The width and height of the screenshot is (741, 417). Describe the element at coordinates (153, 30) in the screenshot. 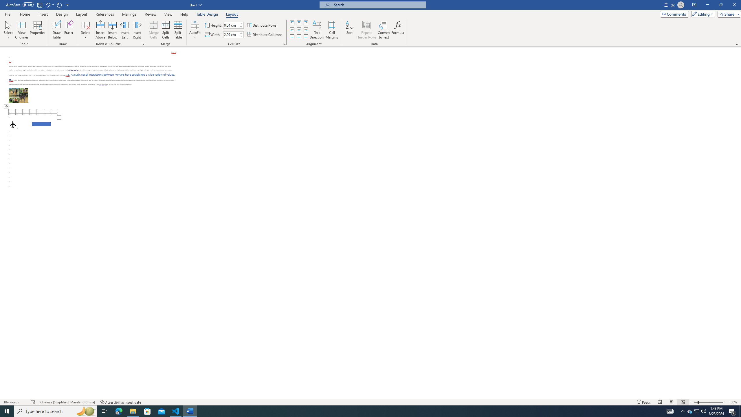

I see `'Merge Cells'` at that location.